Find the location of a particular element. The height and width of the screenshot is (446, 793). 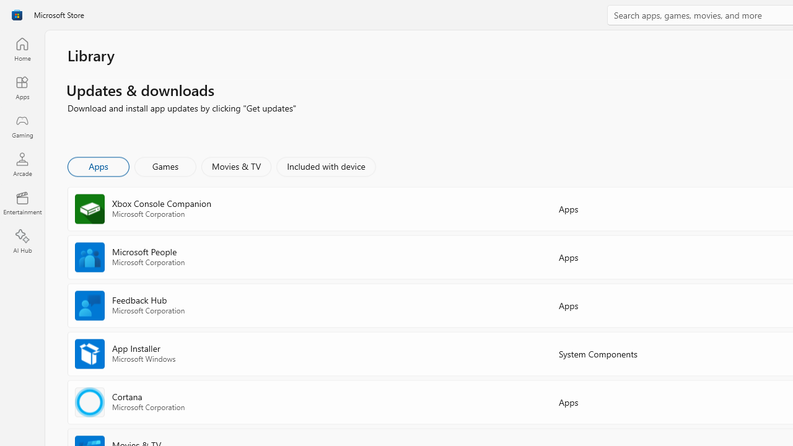

'Class: Image' is located at coordinates (17, 15).